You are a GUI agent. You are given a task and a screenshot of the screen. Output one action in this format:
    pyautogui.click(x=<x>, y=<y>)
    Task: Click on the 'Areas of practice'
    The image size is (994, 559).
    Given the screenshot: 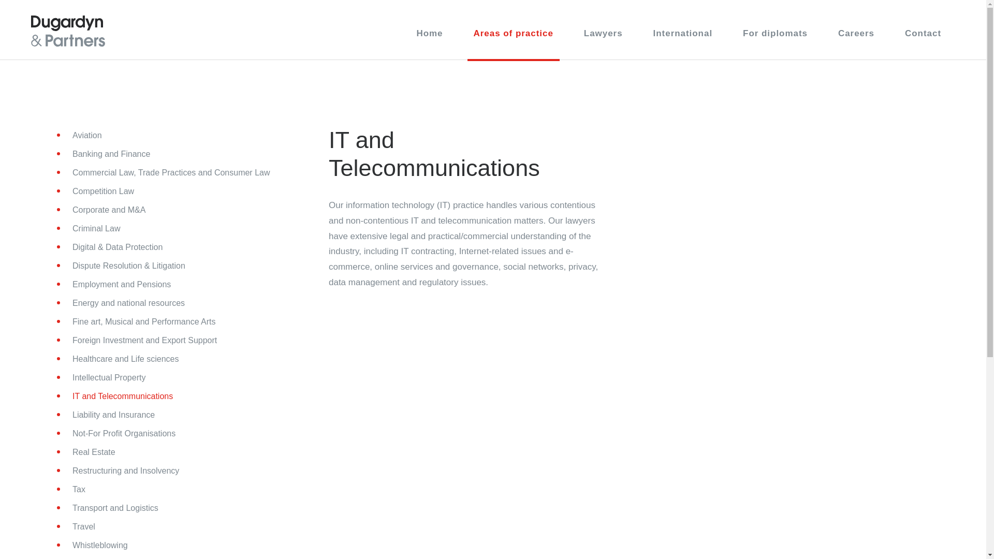 What is the action you would take?
    pyautogui.click(x=514, y=37)
    